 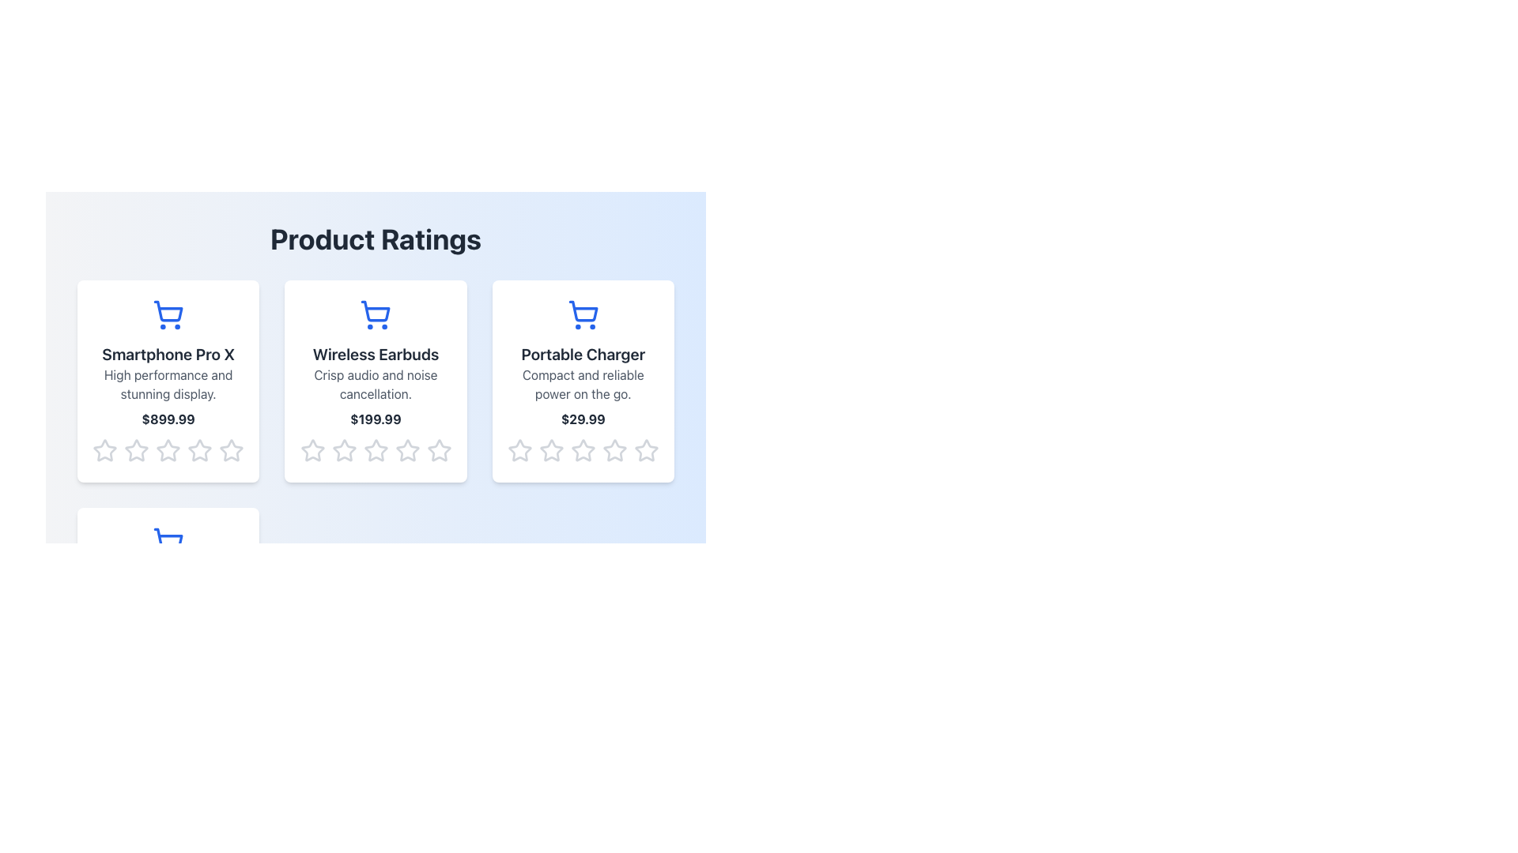 I want to click on the price display text element located in the center of the card titled 'Wireless Earbuds', positioned below the description 'Crisp audio and noise cancellation.' and above the star rating icons, so click(x=375, y=419).